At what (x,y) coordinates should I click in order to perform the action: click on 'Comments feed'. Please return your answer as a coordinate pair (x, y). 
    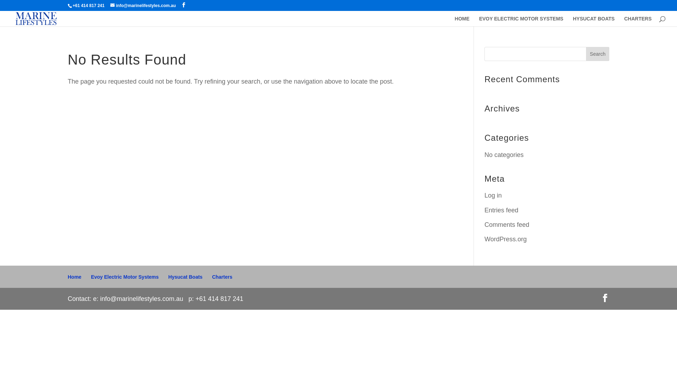
    Looking at the image, I should click on (506, 224).